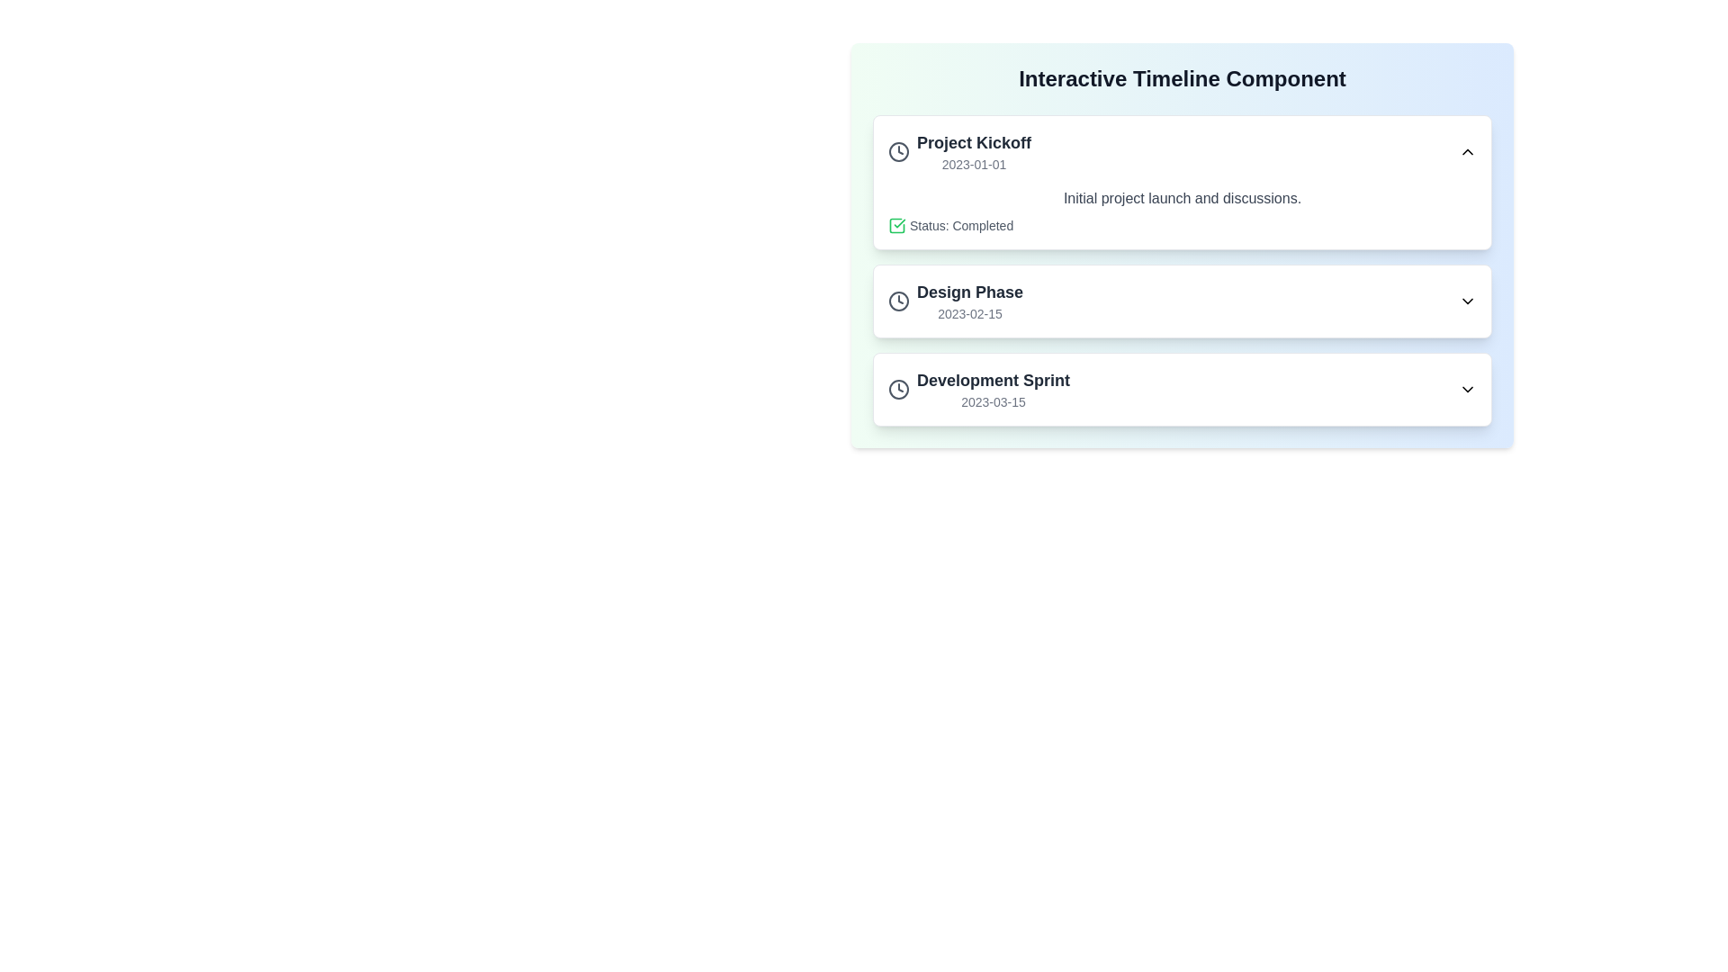 This screenshot has height=972, width=1728. Describe the element at coordinates (1183, 183) in the screenshot. I see `the 'Project Kickoff' card which is the first item in the 'Interactive Timeline Component', displaying the title, date, description, and status` at that location.